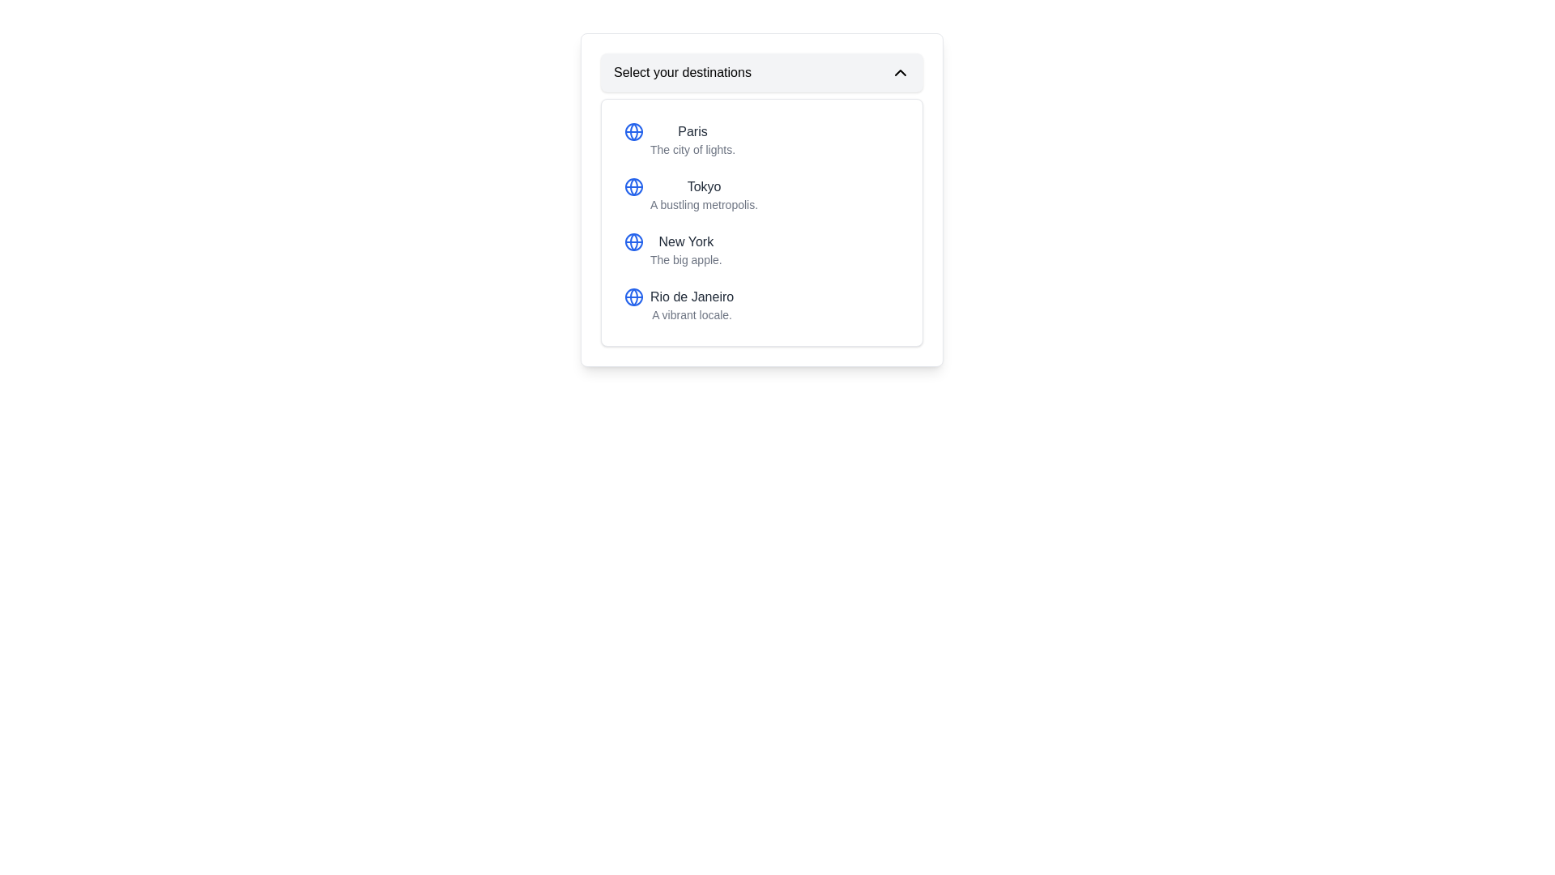  Describe the element at coordinates (686, 258) in the screenshot. I see `the static text label providing additional information about 'New York', positioned directly below the main heading` at that location.